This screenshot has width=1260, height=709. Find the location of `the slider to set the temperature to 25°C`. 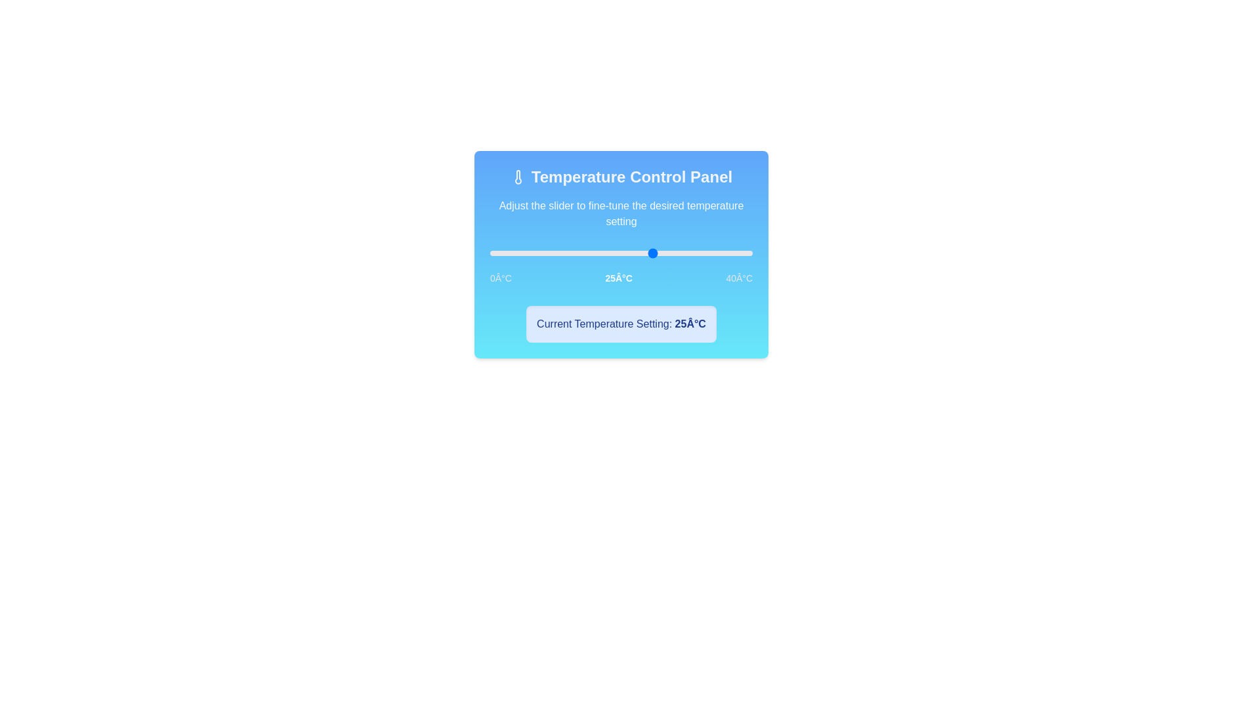

the slider to set the temperature to 25°C is located at coordinates (654, 253).